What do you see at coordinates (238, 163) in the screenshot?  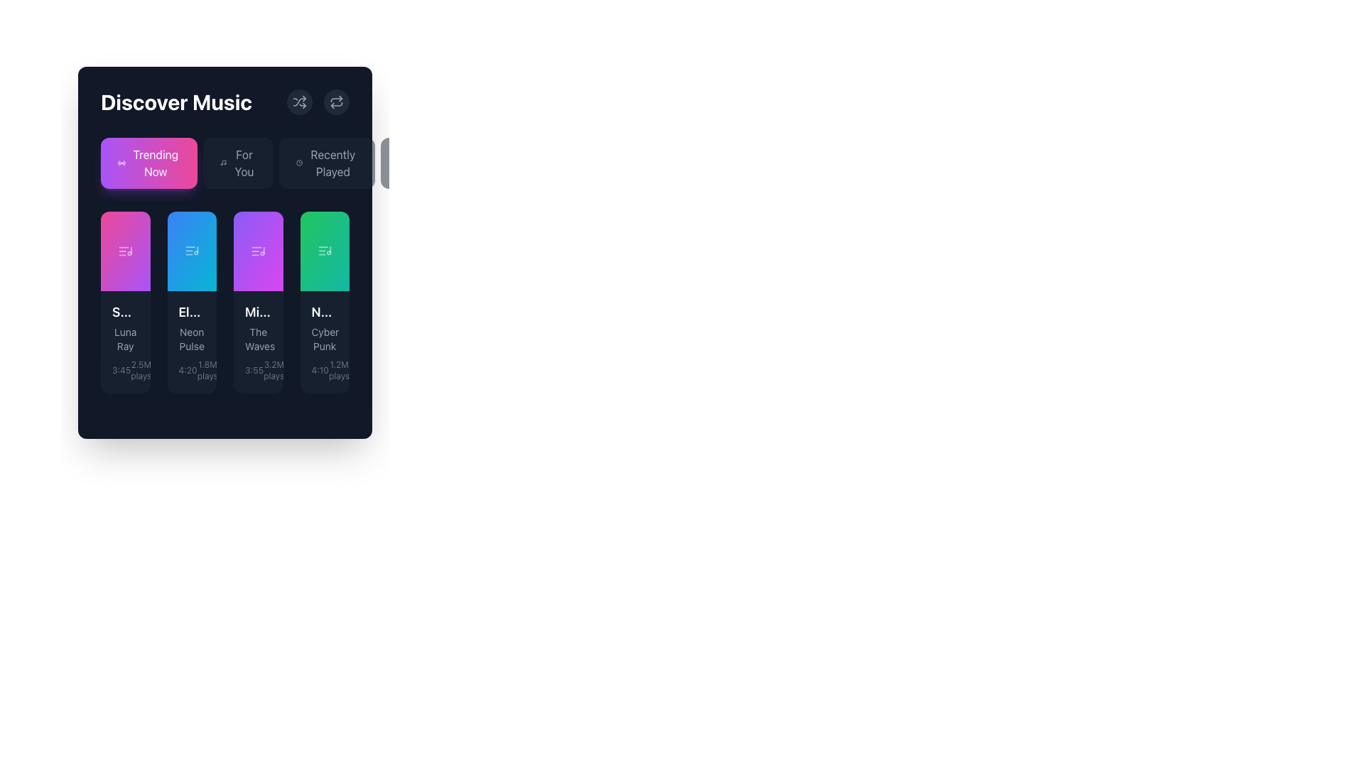 I see `the button located in the middle of the horizontal grouping of buttons beneath the 'Discover Music' title` at bounding box center [238, 163].